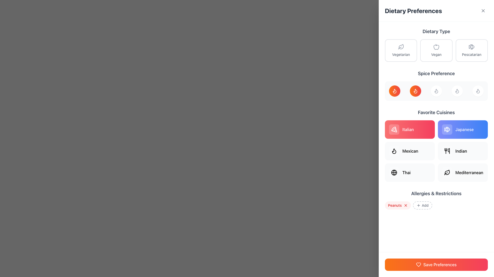 The width and height of the screenshot is (494, 277). I want to click on the 'Japanese' text label, which is part of the 'Favorite Cuisines' section and has a blue background, so click(464, 129).